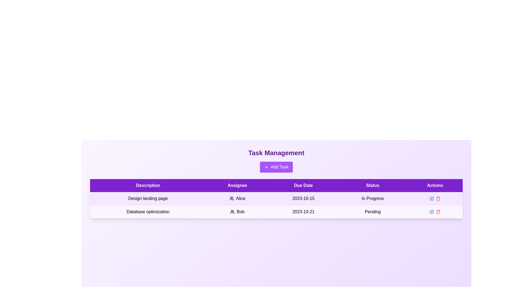  Describe the element at coordinates (432, 198) in the screenshot. I see `the edit icon button located in the Actions column of the second row of the table` at that location.